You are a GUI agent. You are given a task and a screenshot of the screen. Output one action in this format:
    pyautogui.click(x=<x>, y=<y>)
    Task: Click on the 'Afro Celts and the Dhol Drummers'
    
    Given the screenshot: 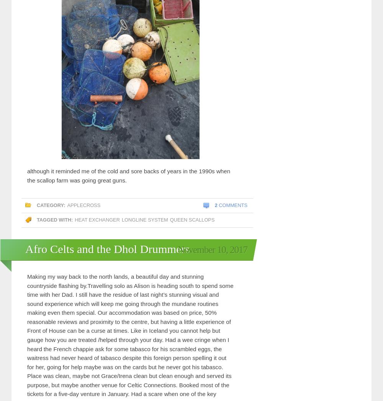 What is the action you would take?
    pyautogui.click(x=107, y=248)
    